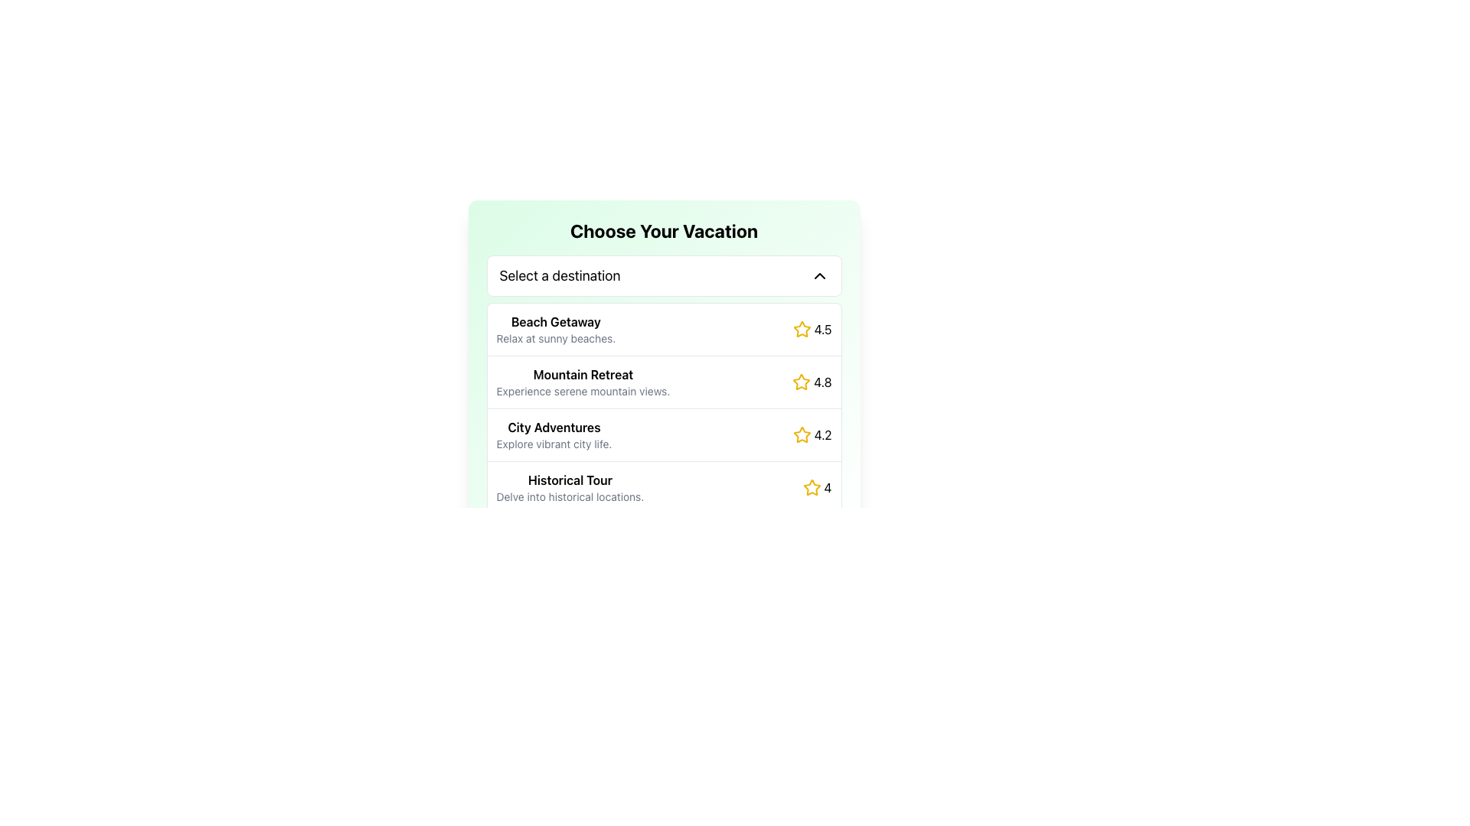 This screenshot has width=1470, height=826. Describe the element at coordinates (664, 381) in the screenshot. I see `rating details of the list item titled 'Mountain Retreat', which has a rating score of '4.8' and a gold star icon` at that location.